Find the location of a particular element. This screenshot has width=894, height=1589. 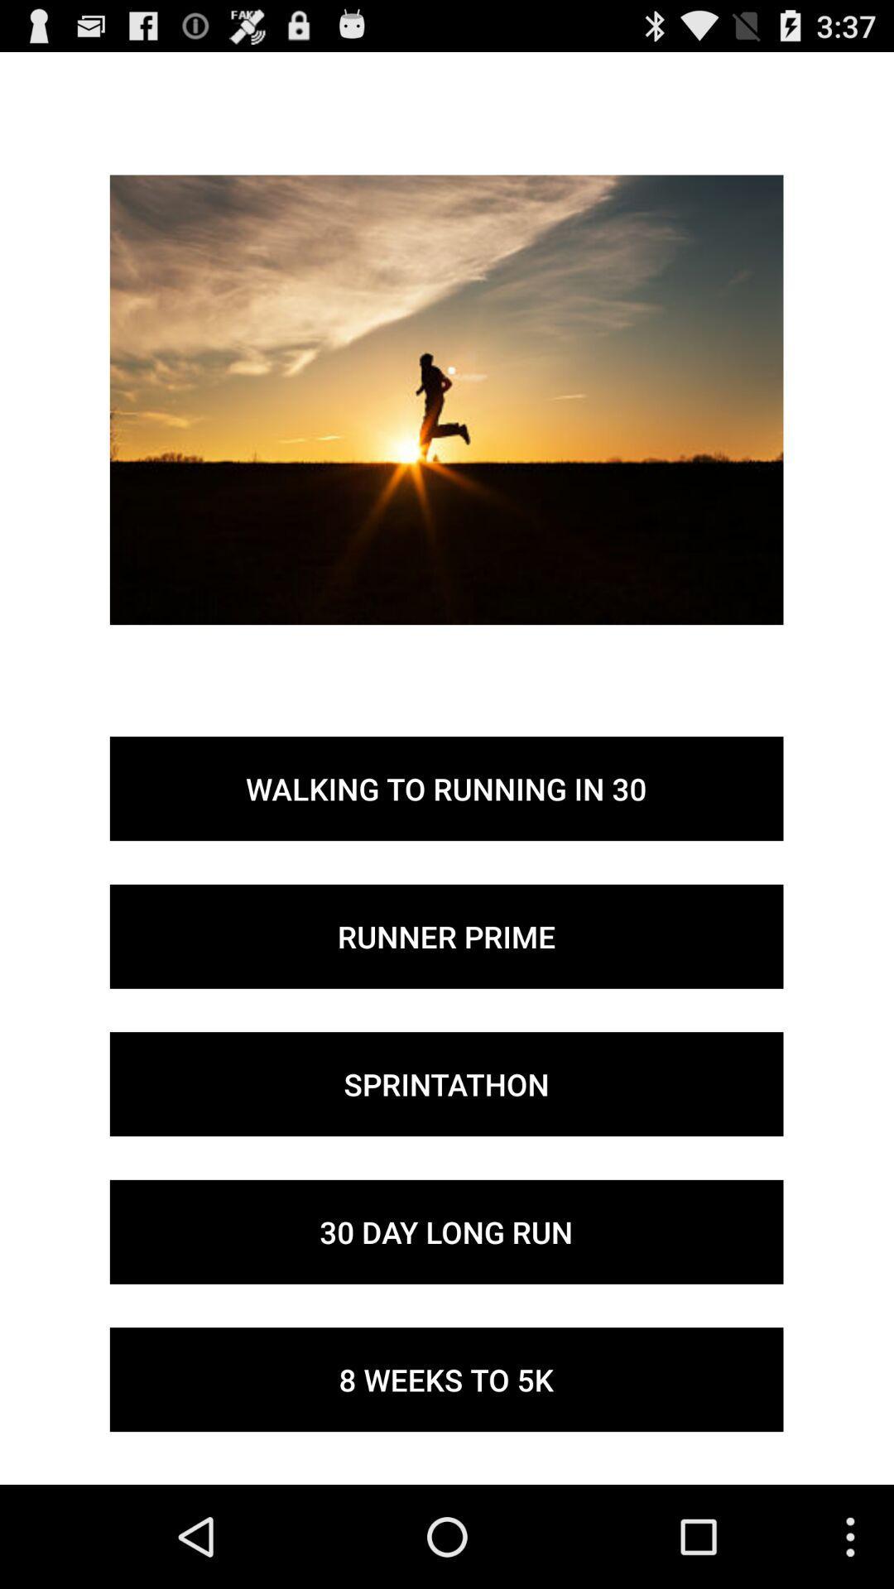

the button above the sprintathon item is located at coordinates (445, 936).